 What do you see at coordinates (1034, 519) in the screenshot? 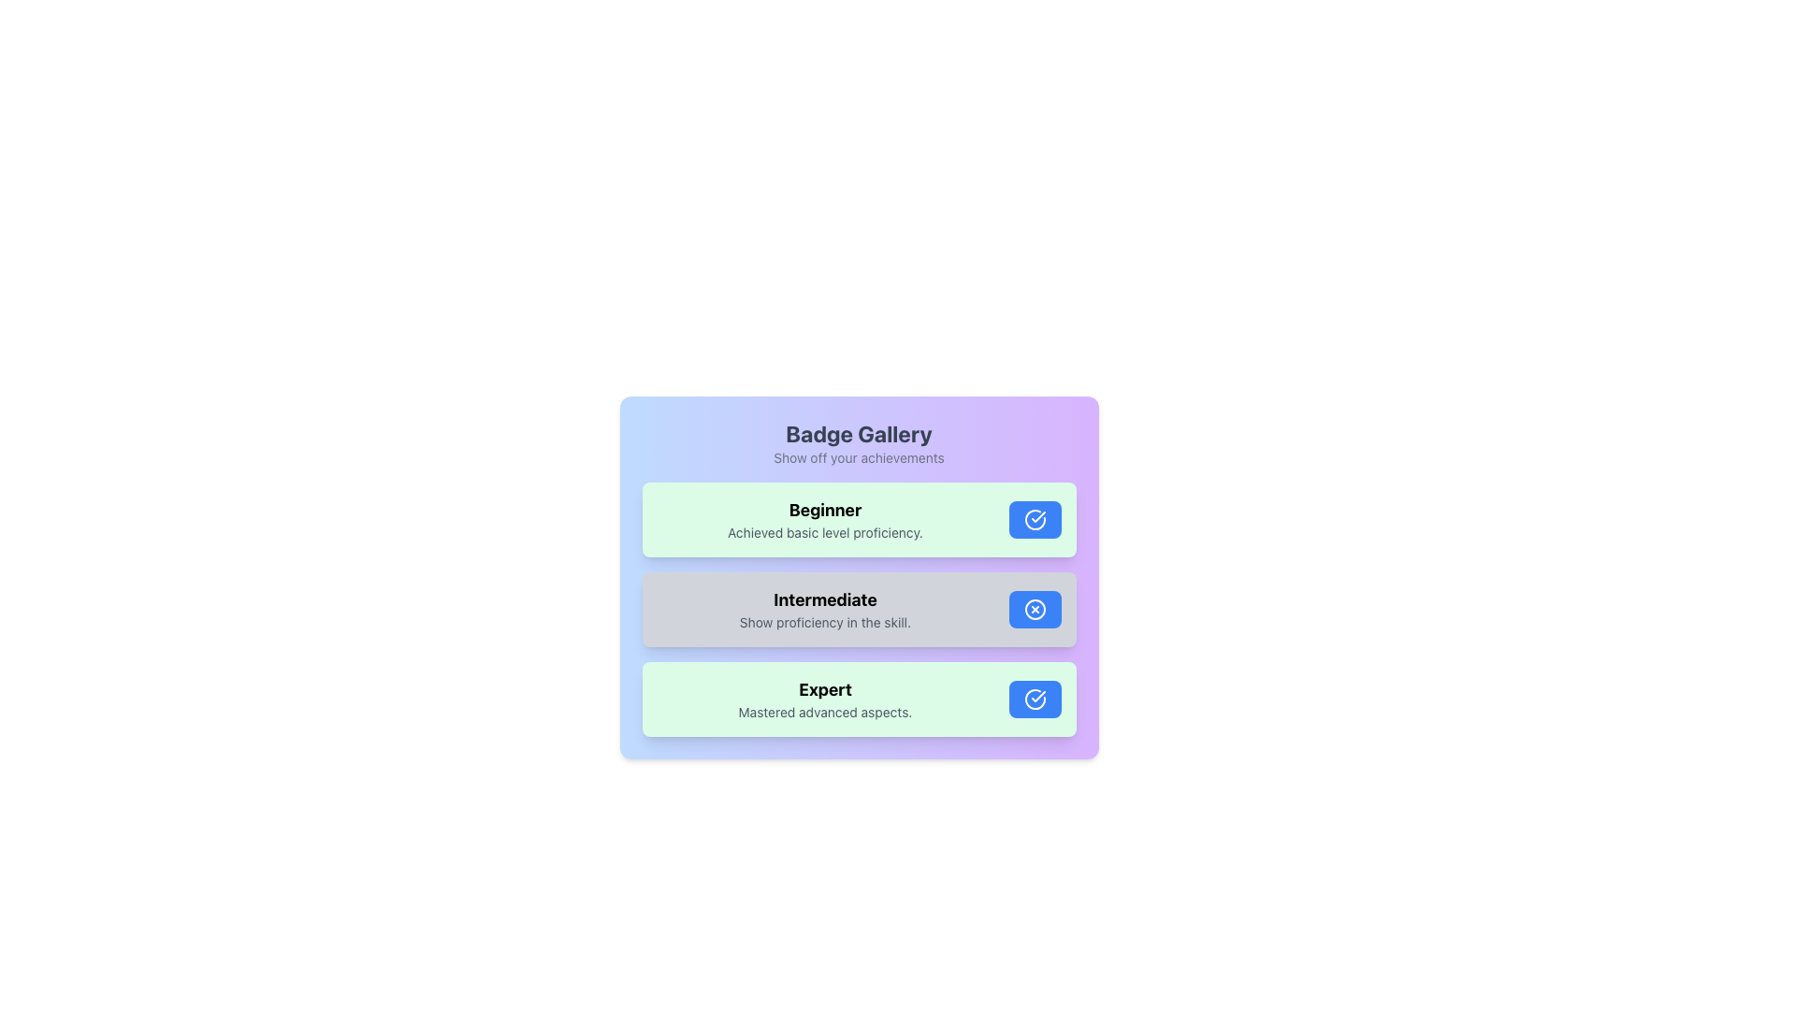
I see `the circular icon with a checkmark inside, which has a light blue background and a white border, to signify badge completion` at bounding box center [1034, 519].